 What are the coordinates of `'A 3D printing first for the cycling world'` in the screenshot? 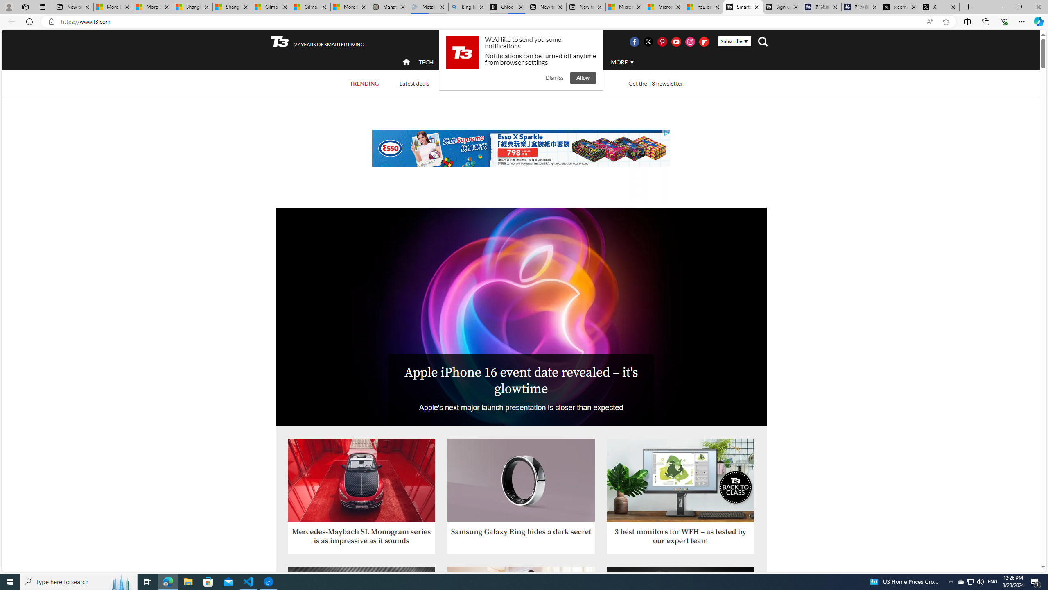 It's located at (680, 590).